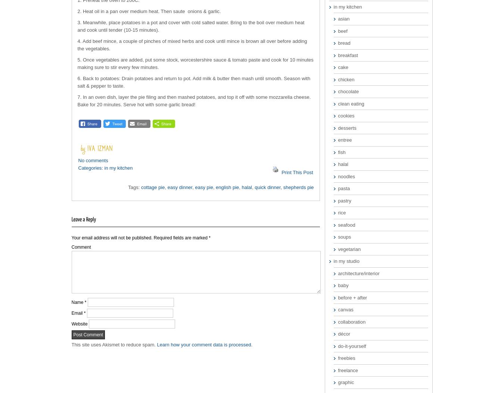  Describe the element at coordinates (344, 139) in the screenshot. I see `'entree'` at that location.